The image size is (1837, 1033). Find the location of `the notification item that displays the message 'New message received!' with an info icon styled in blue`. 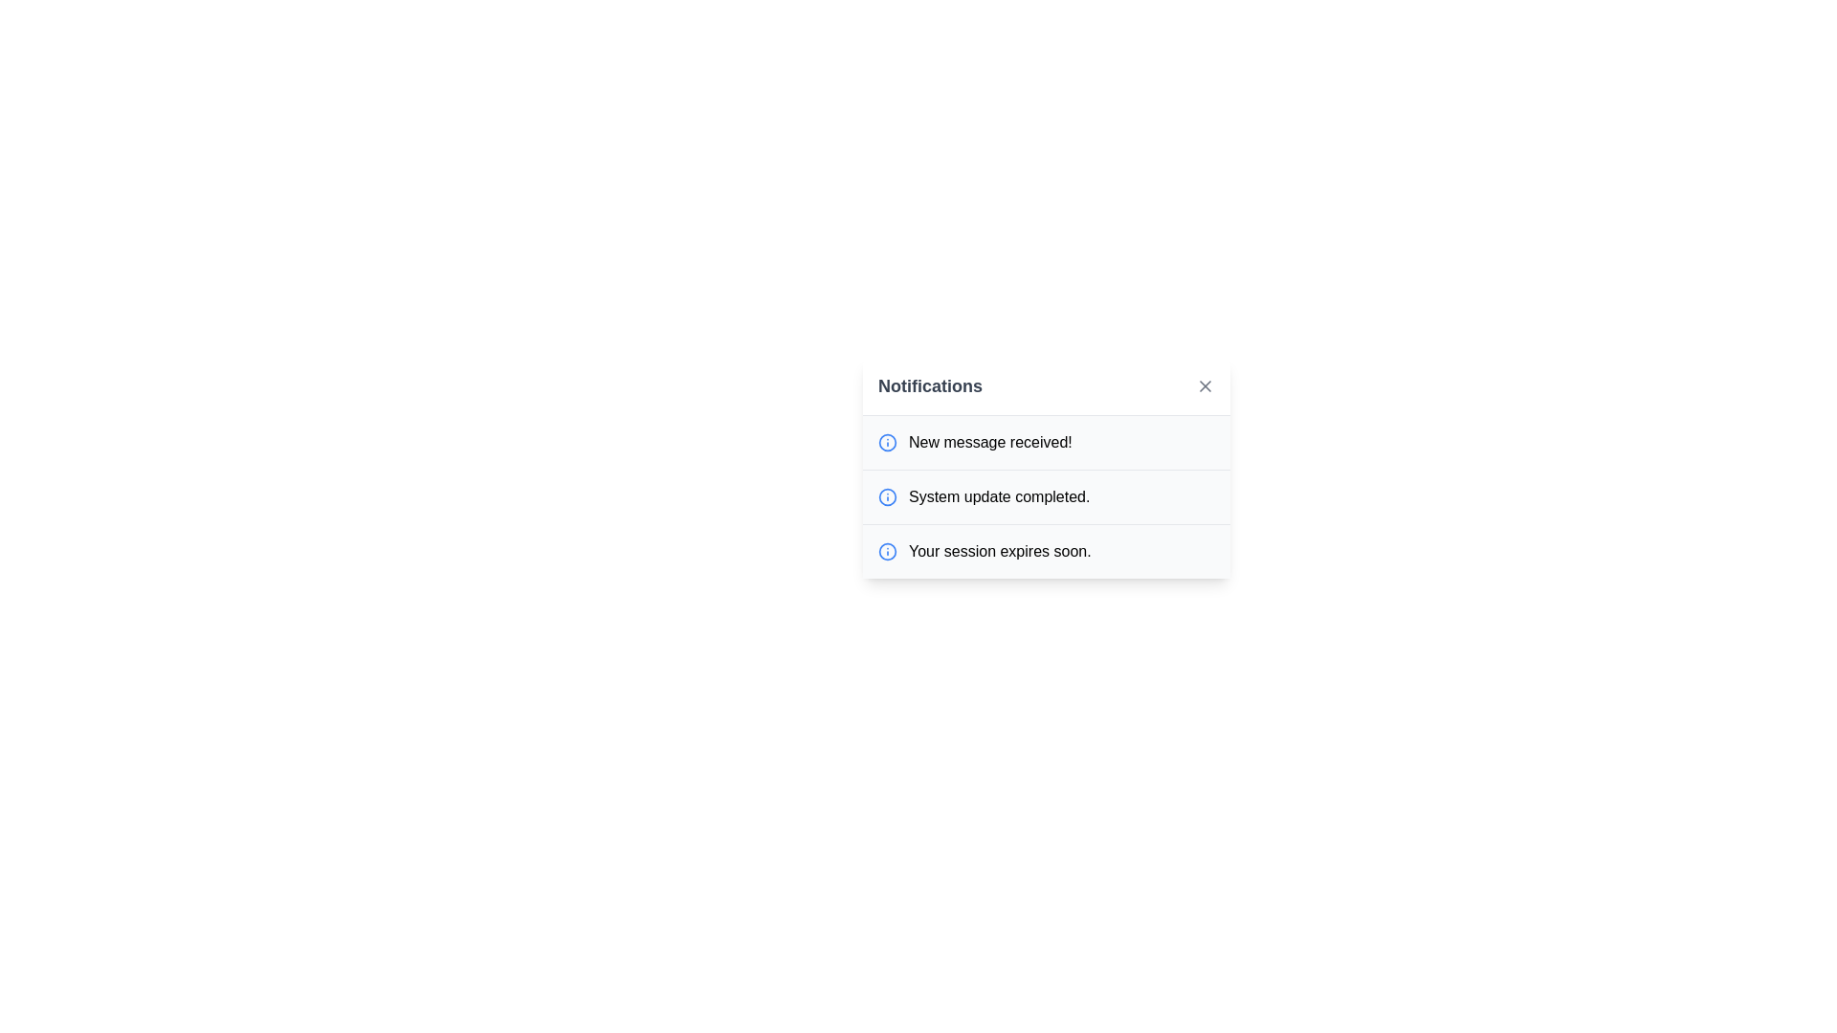

the notification item that displays the message 'New message received!' with an info icon styled in blue is located at coordinates (975, 442).